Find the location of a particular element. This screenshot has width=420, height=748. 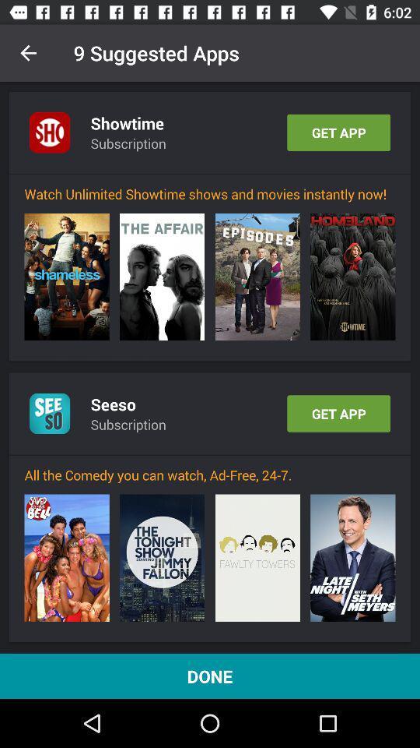

icon below all the comedy item is located at coordinates (66, 558).